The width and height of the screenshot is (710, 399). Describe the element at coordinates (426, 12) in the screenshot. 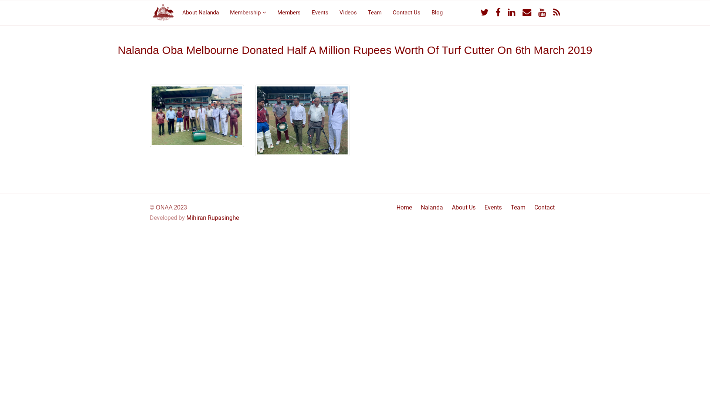

I see `'Blog'` at that location.